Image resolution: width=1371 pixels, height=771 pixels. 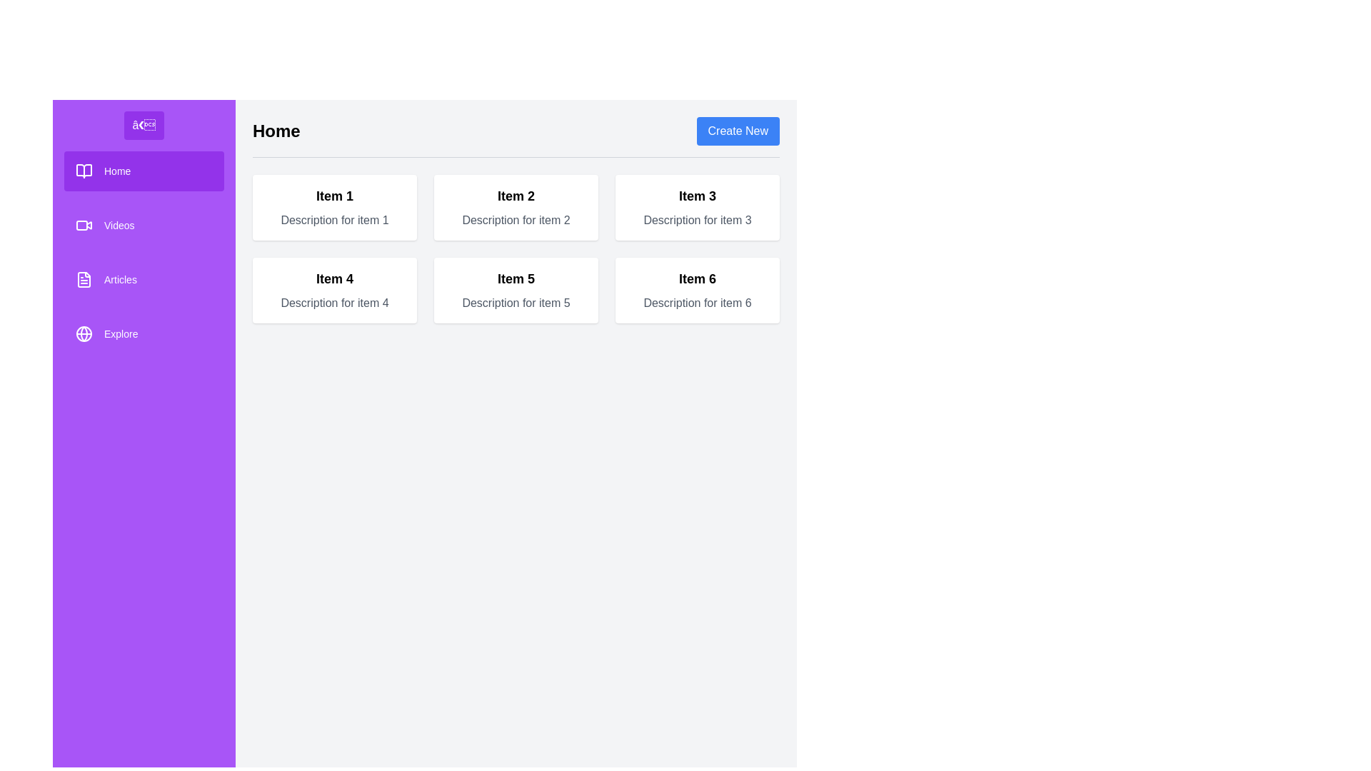 What do you see at coordinates (84, 280) in the screenshot?
I see `the rectangular document icon with a folded top-right corner located in the navigation sidebar, adjacent to the 'Articles' label` at bounding box center [84, 280].